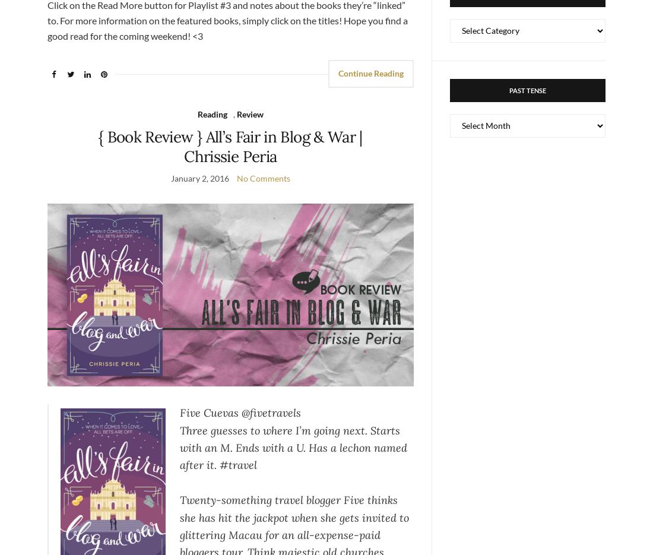 The height and width of the screenshot is (555, 653). Describe the element at coordinates (97, 147) in the screenshot. I see `'{ Book Review } All’s Fair in Blog & War | Chrissie Peria'` at that location.